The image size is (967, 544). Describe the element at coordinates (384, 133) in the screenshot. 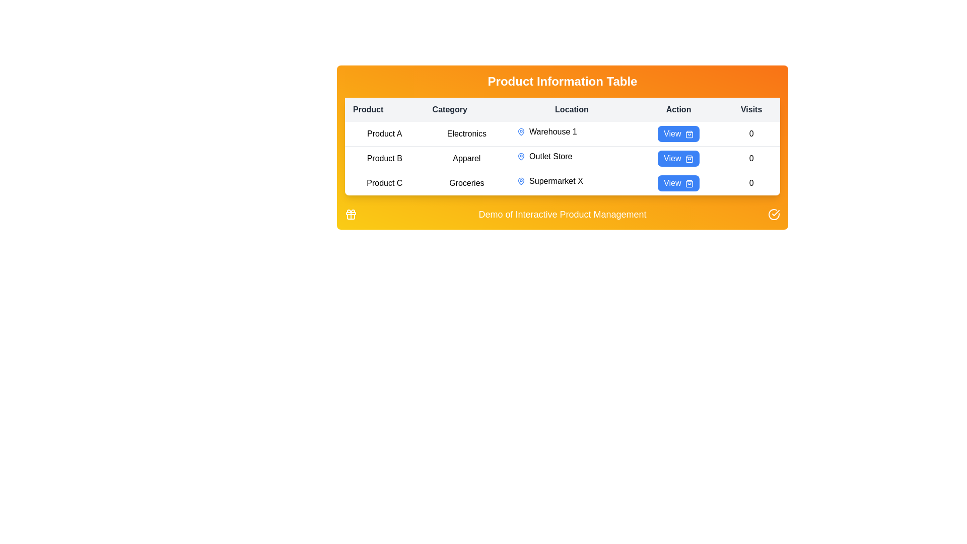

I see `text from the product label located in the first row of the 'Product' column in the table, positioned at the top-left corner of the table body` at that location.